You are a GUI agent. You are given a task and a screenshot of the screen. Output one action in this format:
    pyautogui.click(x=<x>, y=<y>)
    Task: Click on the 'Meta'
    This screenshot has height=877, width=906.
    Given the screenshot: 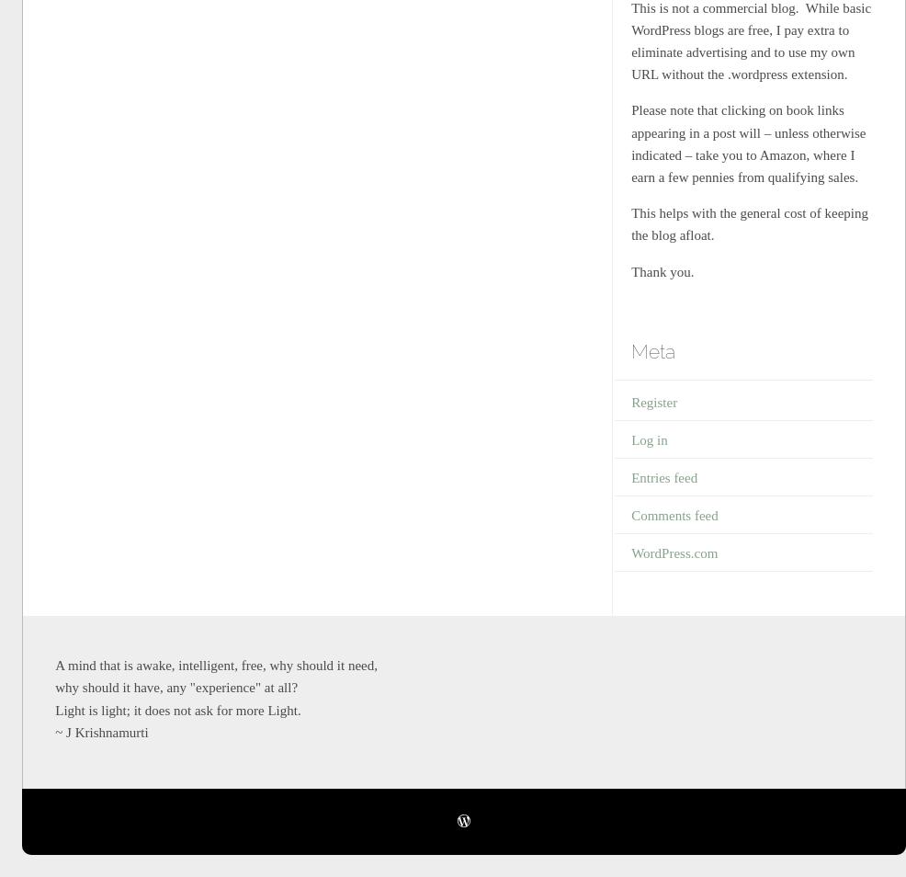 What is the action you would take?
    pyautogui.click(x=652, y=351)
    